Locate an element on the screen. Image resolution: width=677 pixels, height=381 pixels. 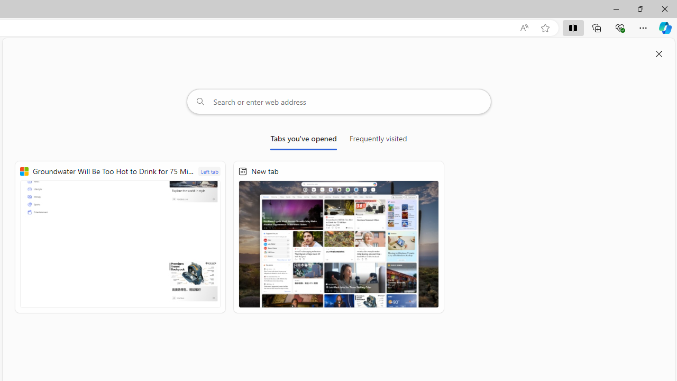
'Restore' is located at coordinates (639, 8).